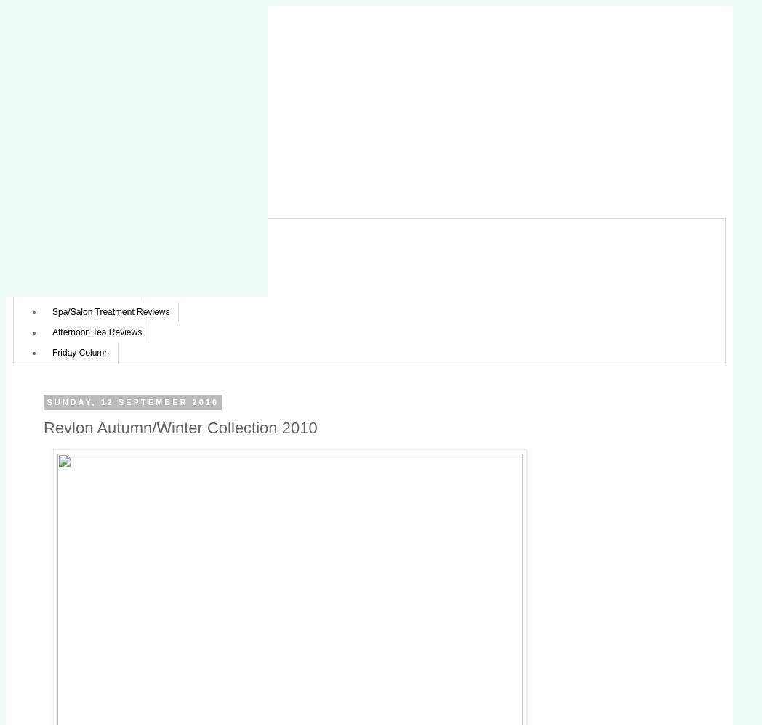 This screenshot has height=725, width=762. I want to click on 'Friday Column', so click(79, 353).